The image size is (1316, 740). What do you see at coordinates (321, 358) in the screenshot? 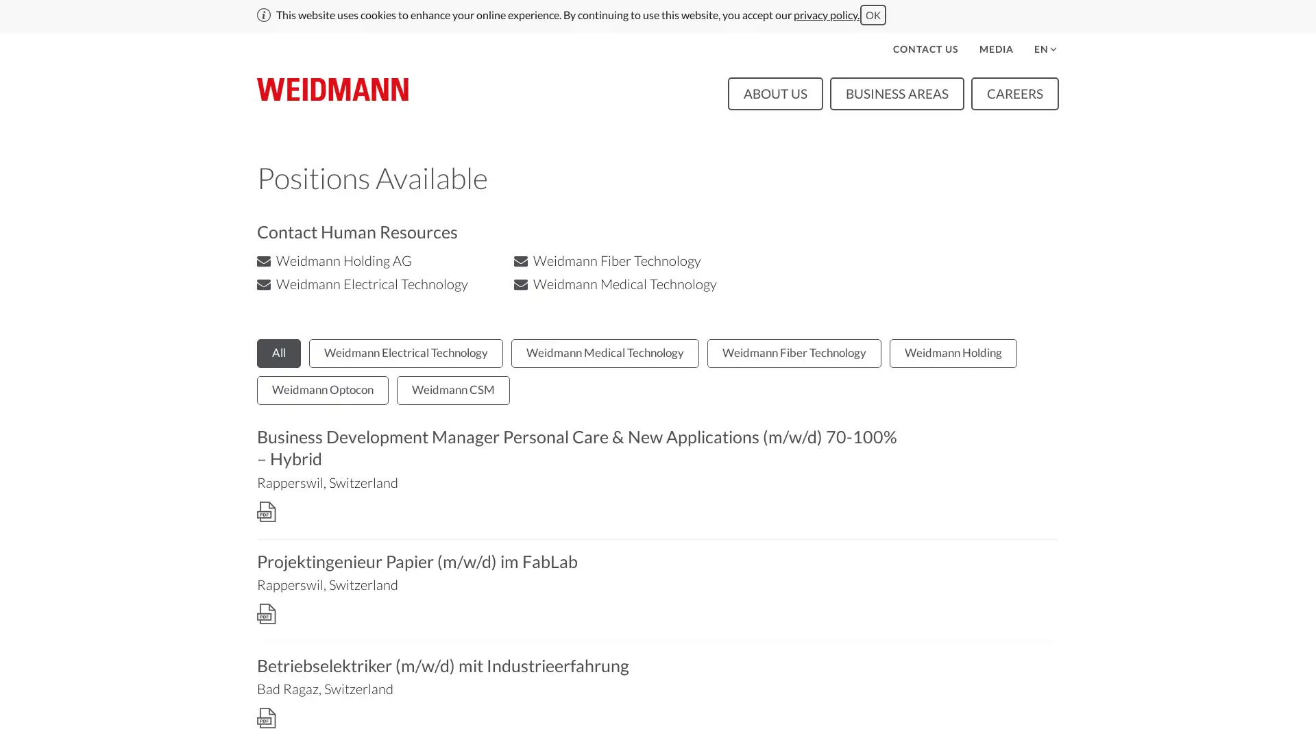
I see `Weidmann Optocon` at bounding box center [321, 358].